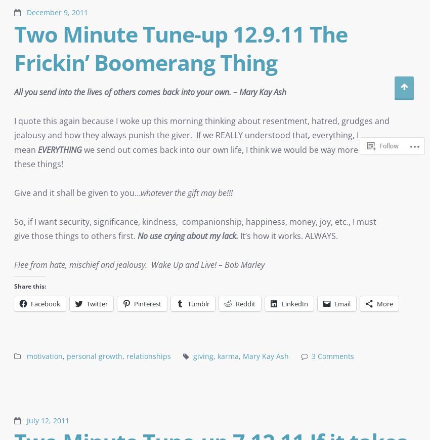 The image size is (430, 440). What do you see at coordinates (66, 356) in the screenshot?
I see `'personal growth'` at bounding box center [66, 356].